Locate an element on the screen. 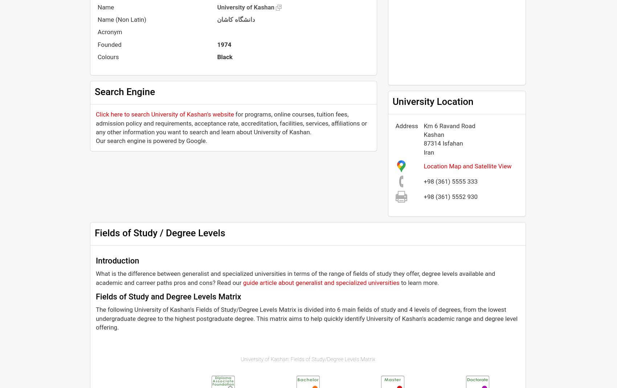 This screenshot has height=388, width=617. 'What is the difference between generalist and specialized universities in terms of the range of fields of study they offer, degree levels available and academic and carreer paths pros and cons? Read our' is located at coordinates (295, 278).